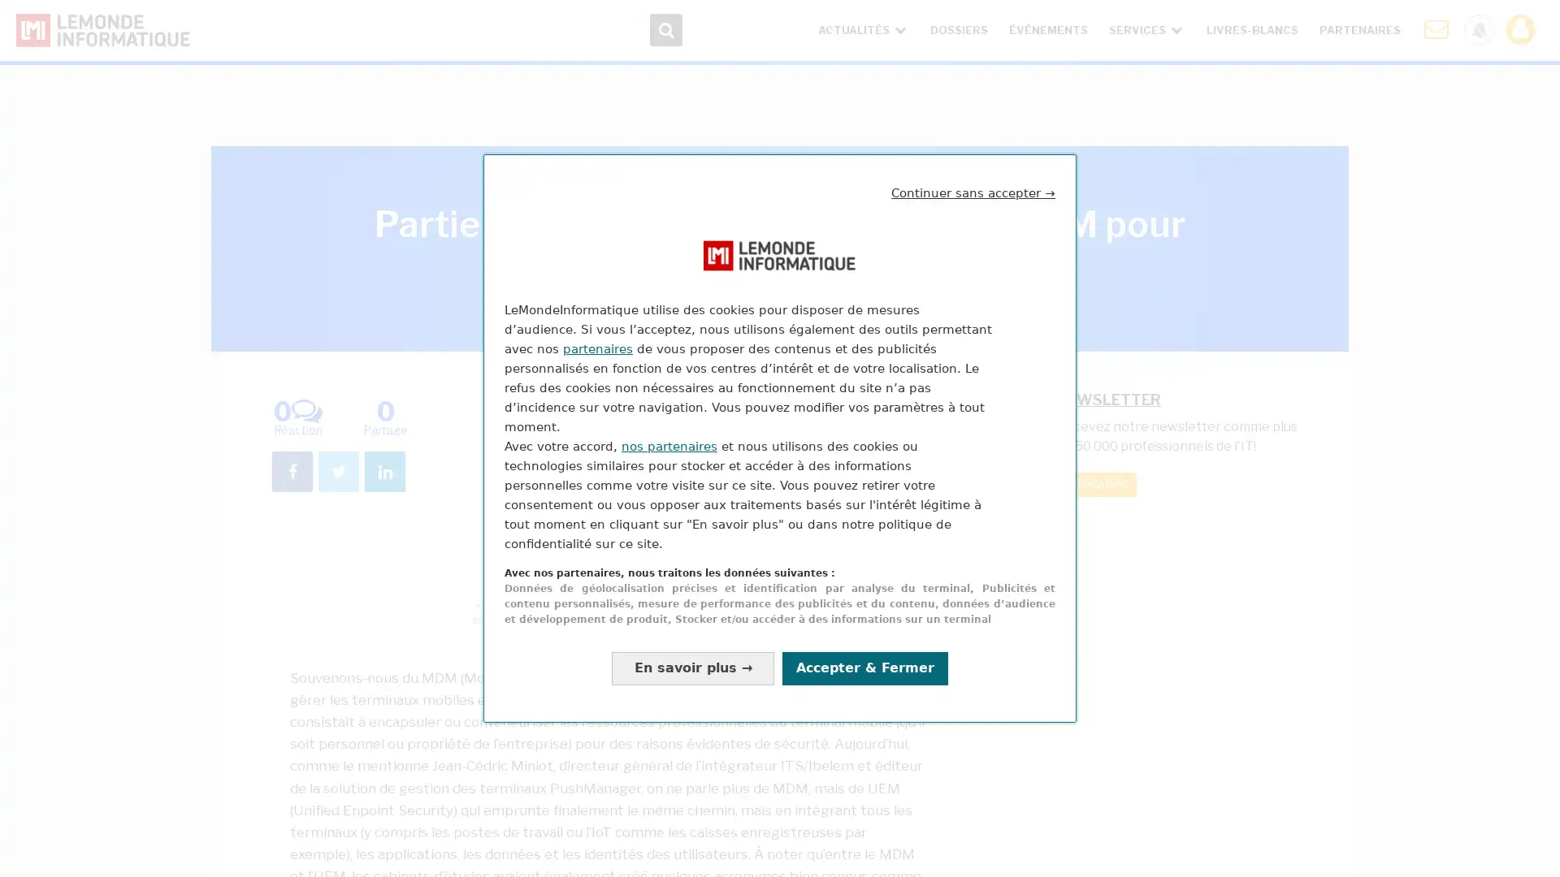  Describe the element at coordinates (973, 192) in the screenshot. I see `Continuer sans accepter` at that location.